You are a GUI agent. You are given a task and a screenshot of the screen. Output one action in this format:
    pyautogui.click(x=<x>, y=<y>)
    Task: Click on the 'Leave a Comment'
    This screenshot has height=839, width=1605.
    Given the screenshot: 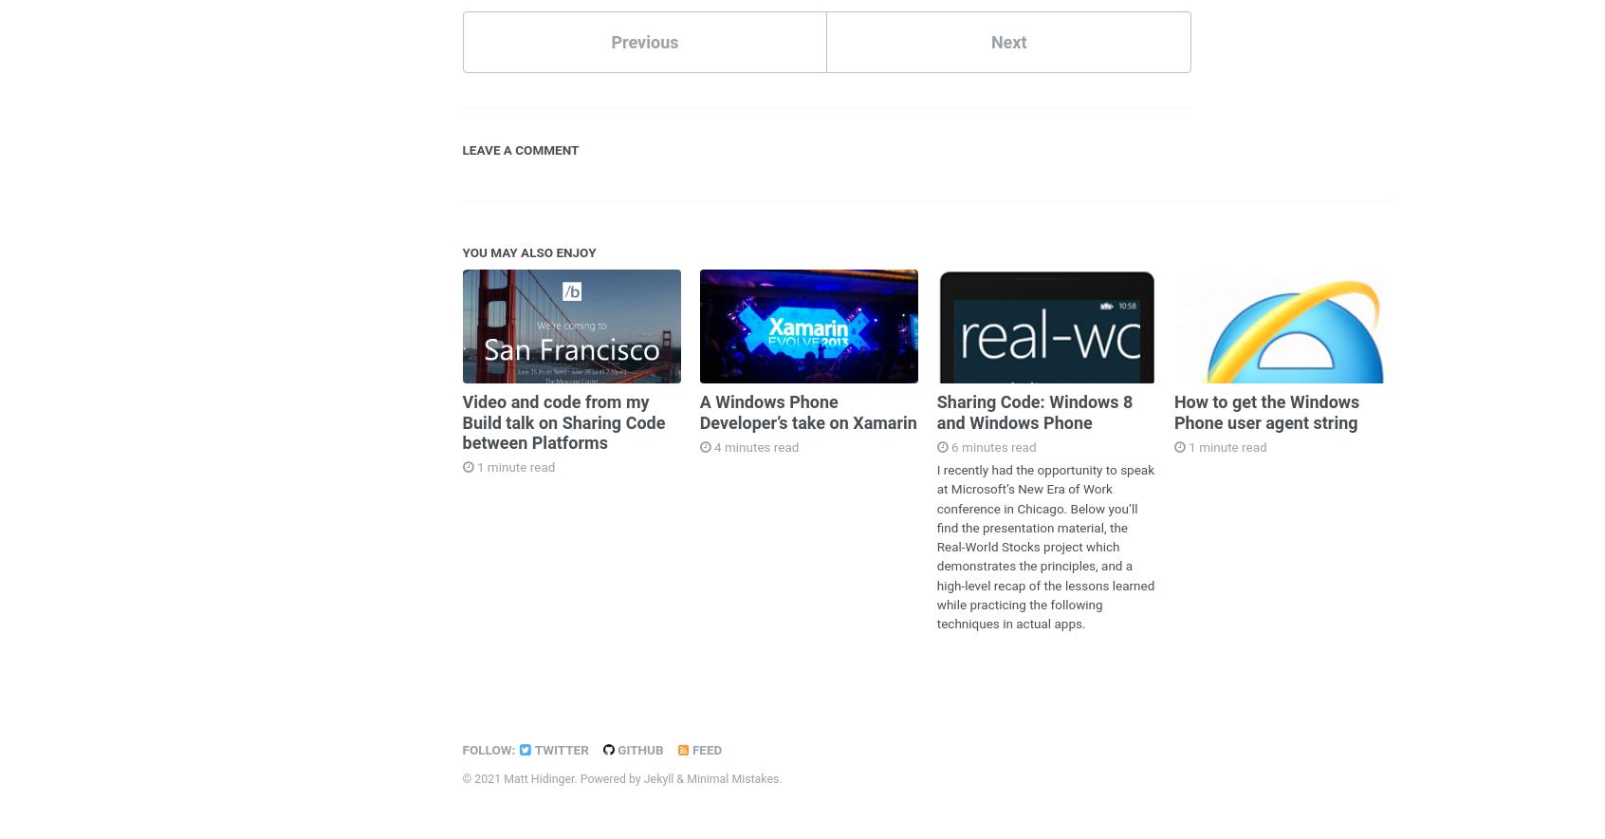 What is the action you would take?
    pyautogui.click(x=460, y=148)
    